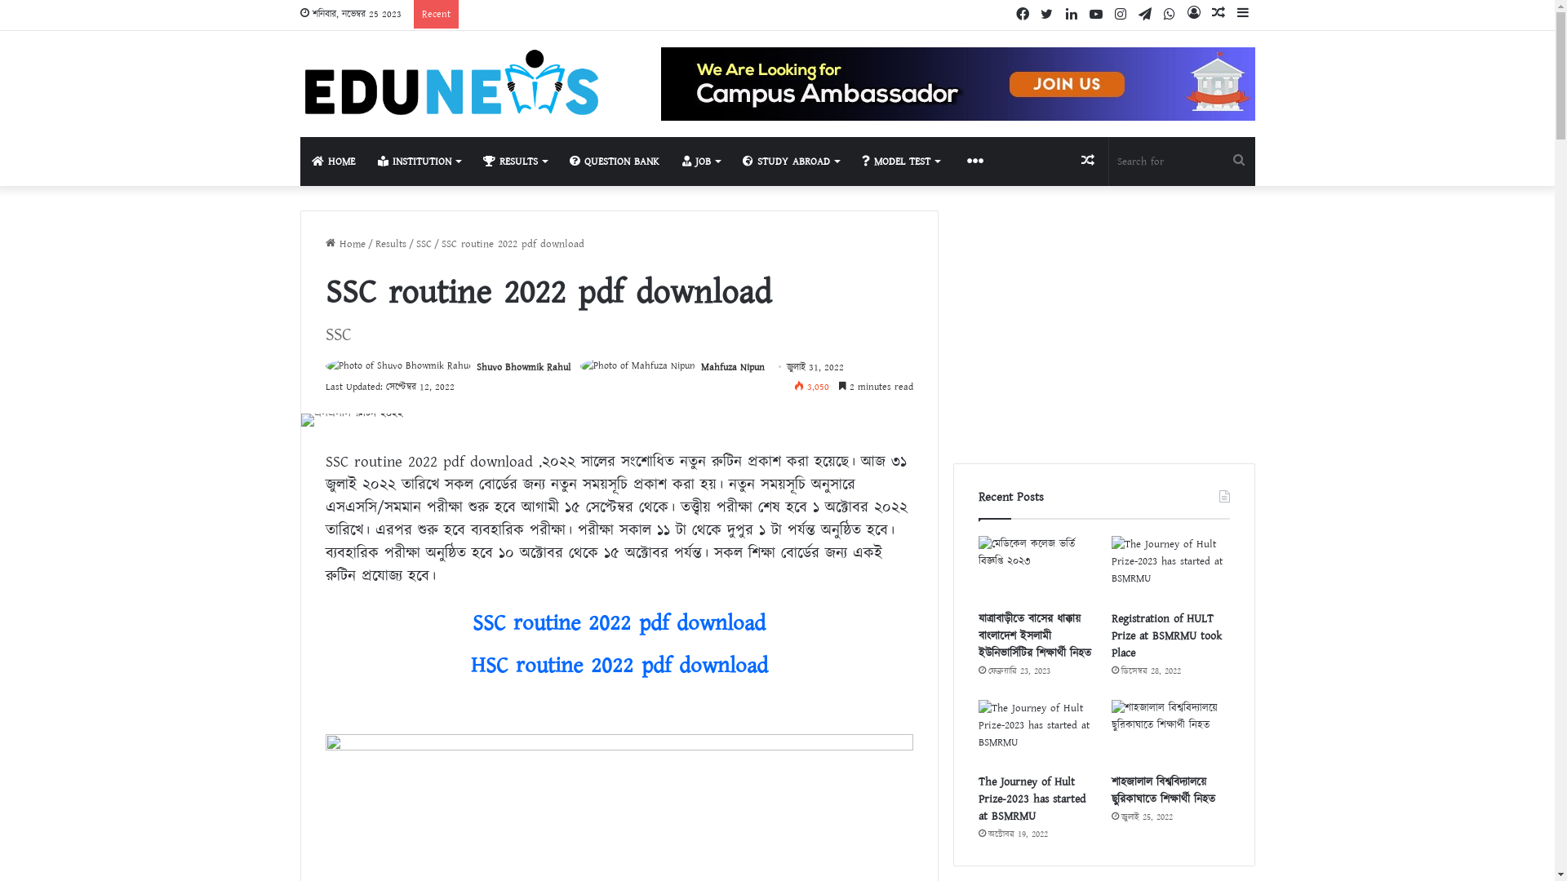 Image resolution: width=1567 pixels, height=881 pixels. Describe the element at coordinates (1104, 324) in the screenshot. I see `'Advertisement'` at that location.